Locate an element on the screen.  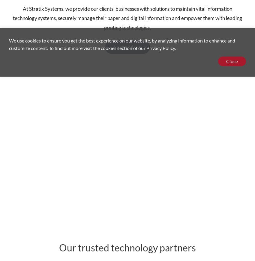
'Close' is located at coordinates (231, 61).